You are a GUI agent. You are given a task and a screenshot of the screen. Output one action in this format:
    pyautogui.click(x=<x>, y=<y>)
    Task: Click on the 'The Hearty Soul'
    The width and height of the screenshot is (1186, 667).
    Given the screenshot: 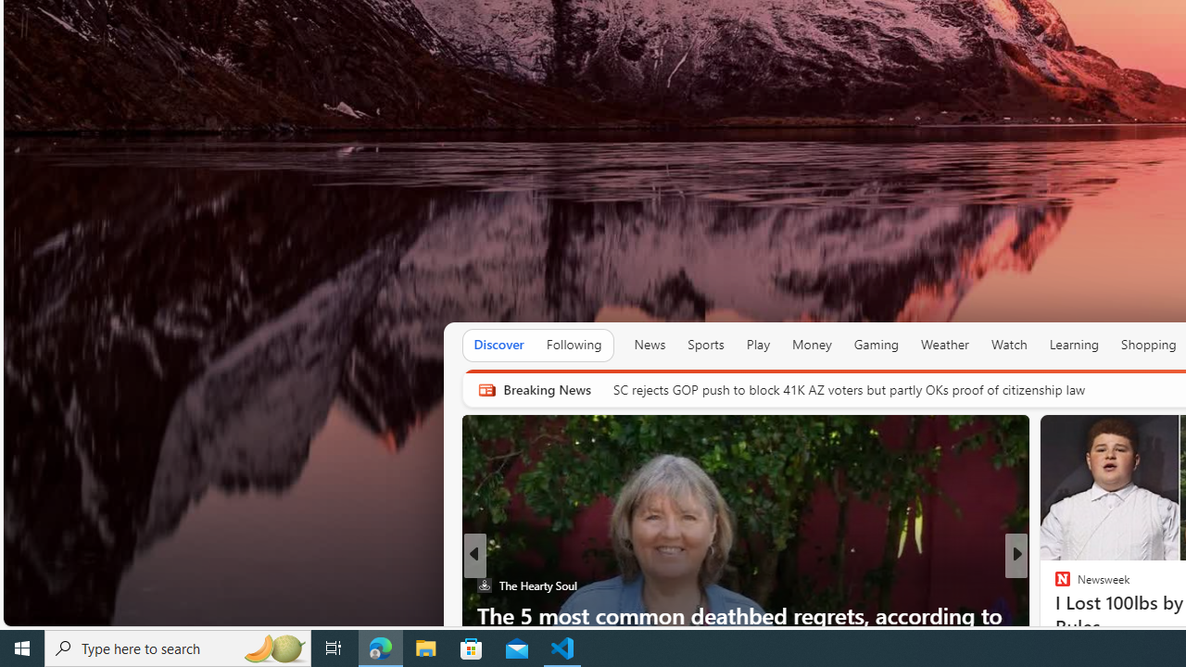 What is the action you would take?
    pyautogui.click(x=484, y=585)
    